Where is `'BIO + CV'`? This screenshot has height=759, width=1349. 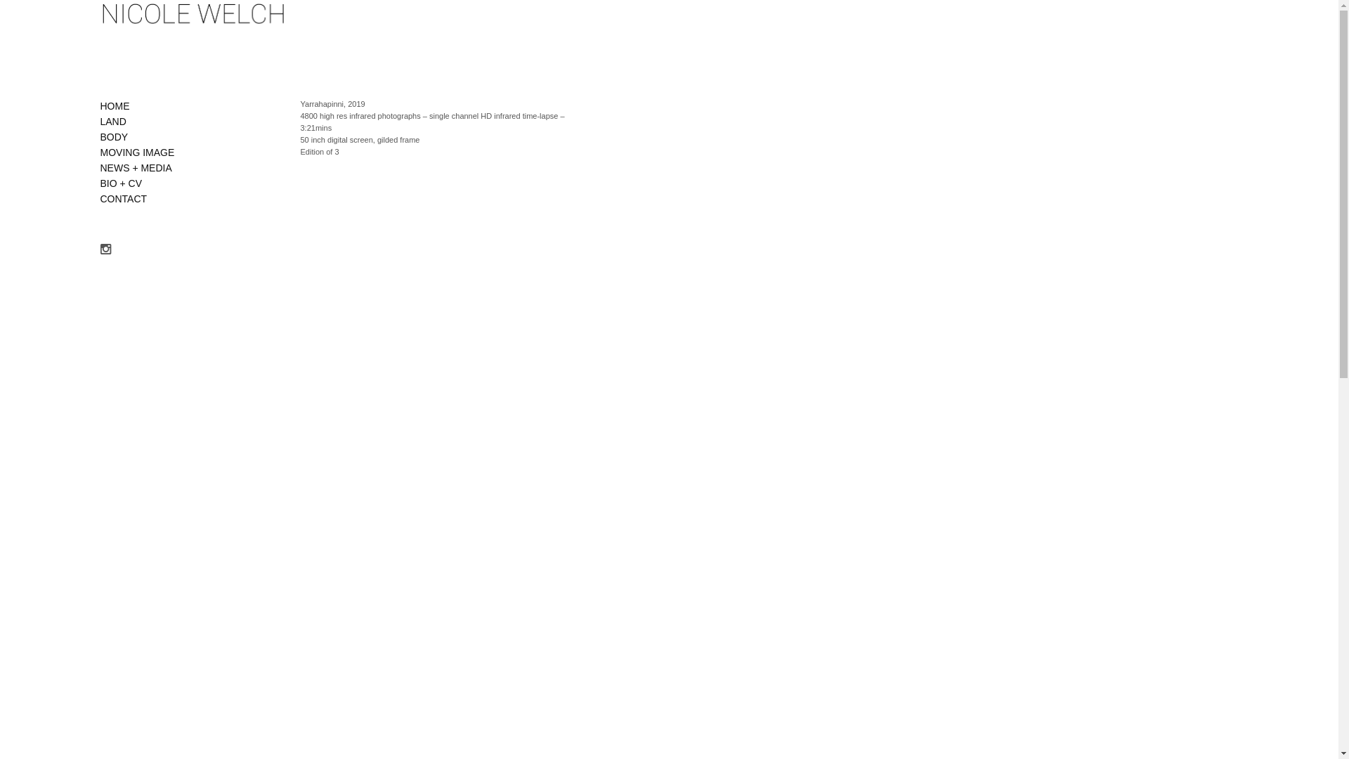
'BIO + CV' is located at coordinates (121, 183).